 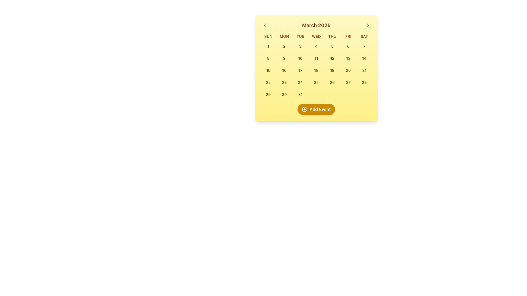 What do you see at coordinates (300, 94) in the screenshot?
I see `the calendar date cell representing the date '31', located in the bottom-right section of the calendar grid` at bounding box center [300, 94].